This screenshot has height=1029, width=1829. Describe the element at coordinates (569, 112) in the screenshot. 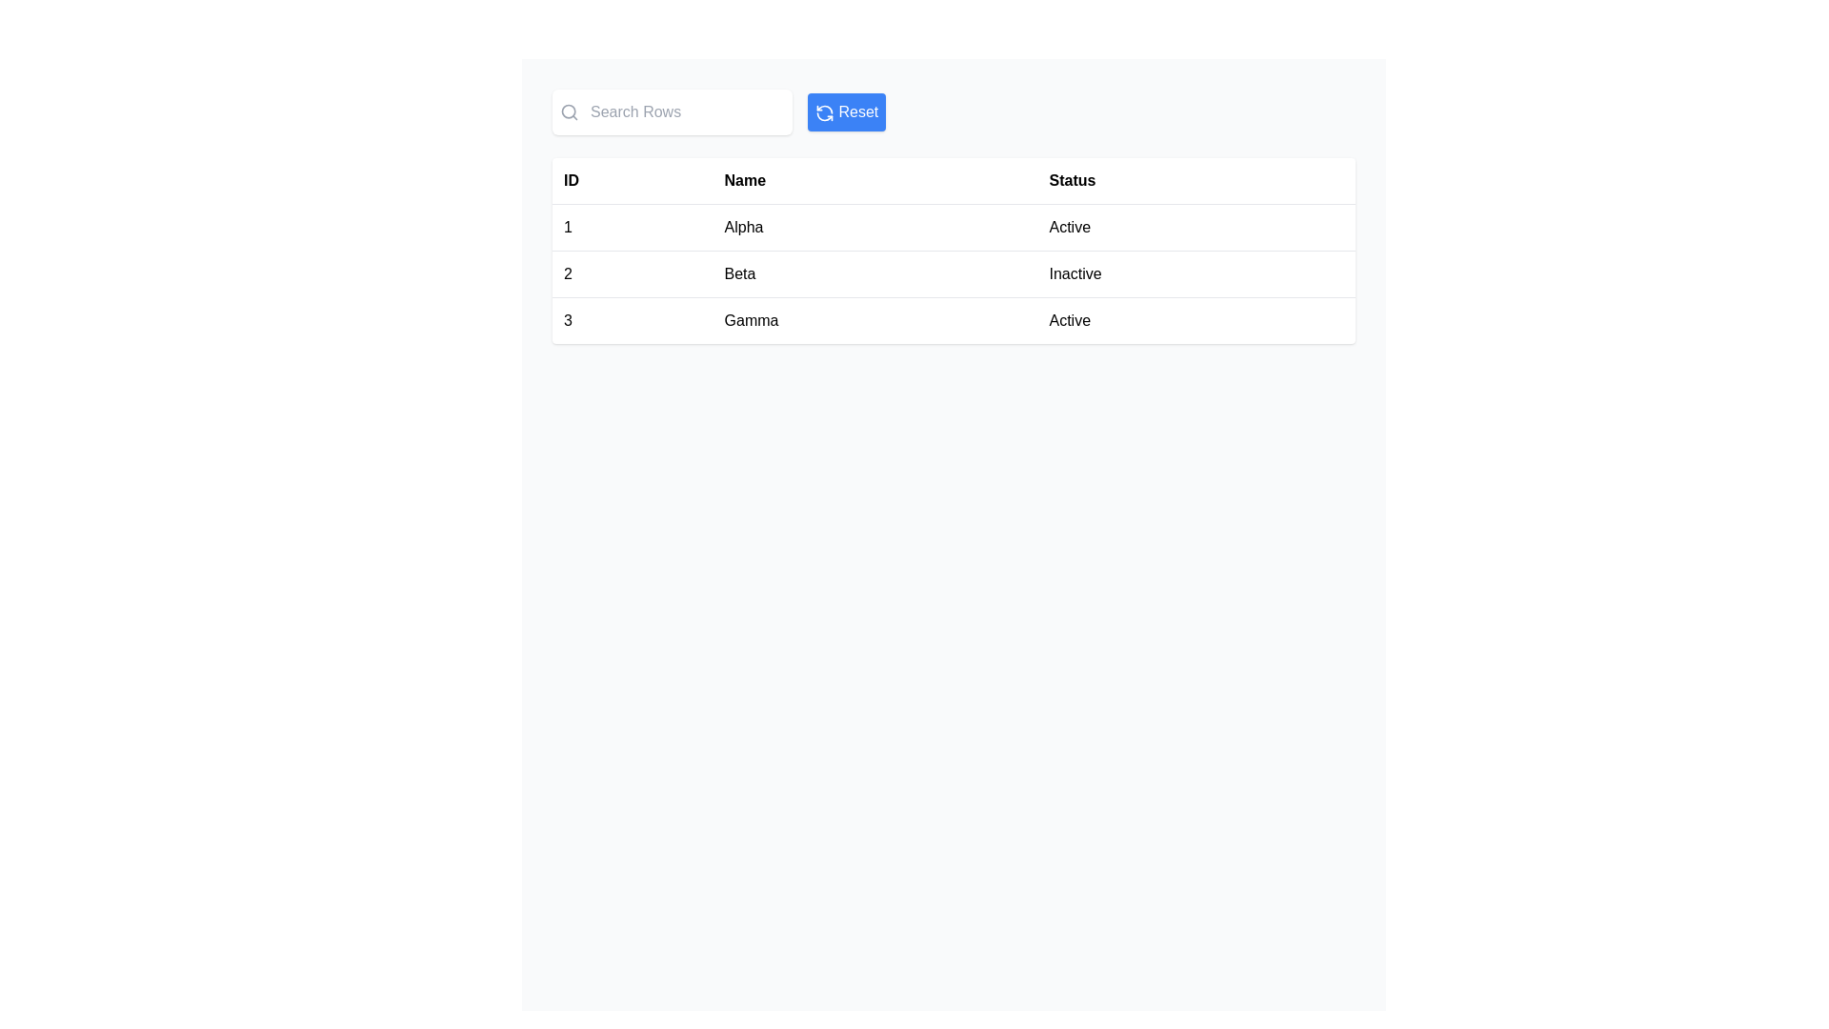

I see `the magnifying glass icon located at the leftmost side of the search bar, styled in light gray, within the top left corner of the interface` at that location.